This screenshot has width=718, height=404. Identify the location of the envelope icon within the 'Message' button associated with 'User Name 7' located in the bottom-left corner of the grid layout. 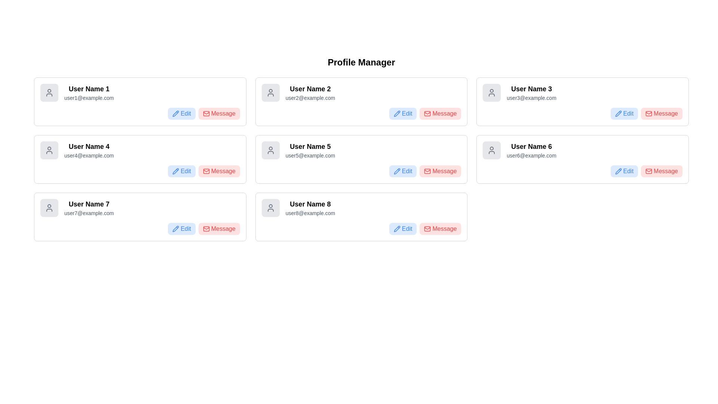
(206, 229).